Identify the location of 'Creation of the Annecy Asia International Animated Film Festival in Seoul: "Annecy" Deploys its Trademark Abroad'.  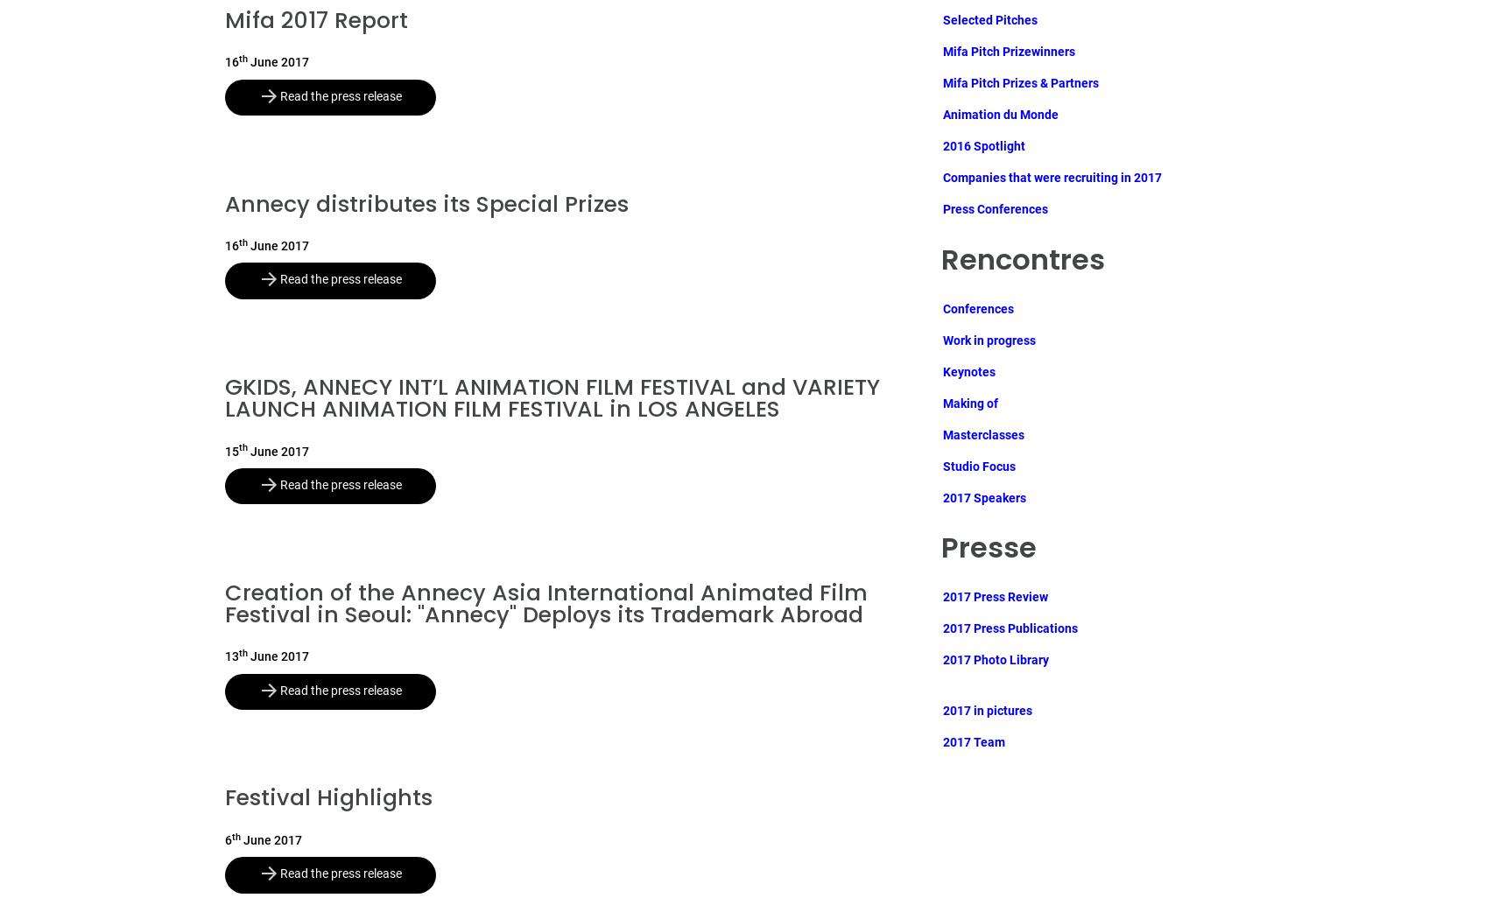
(546, 603).